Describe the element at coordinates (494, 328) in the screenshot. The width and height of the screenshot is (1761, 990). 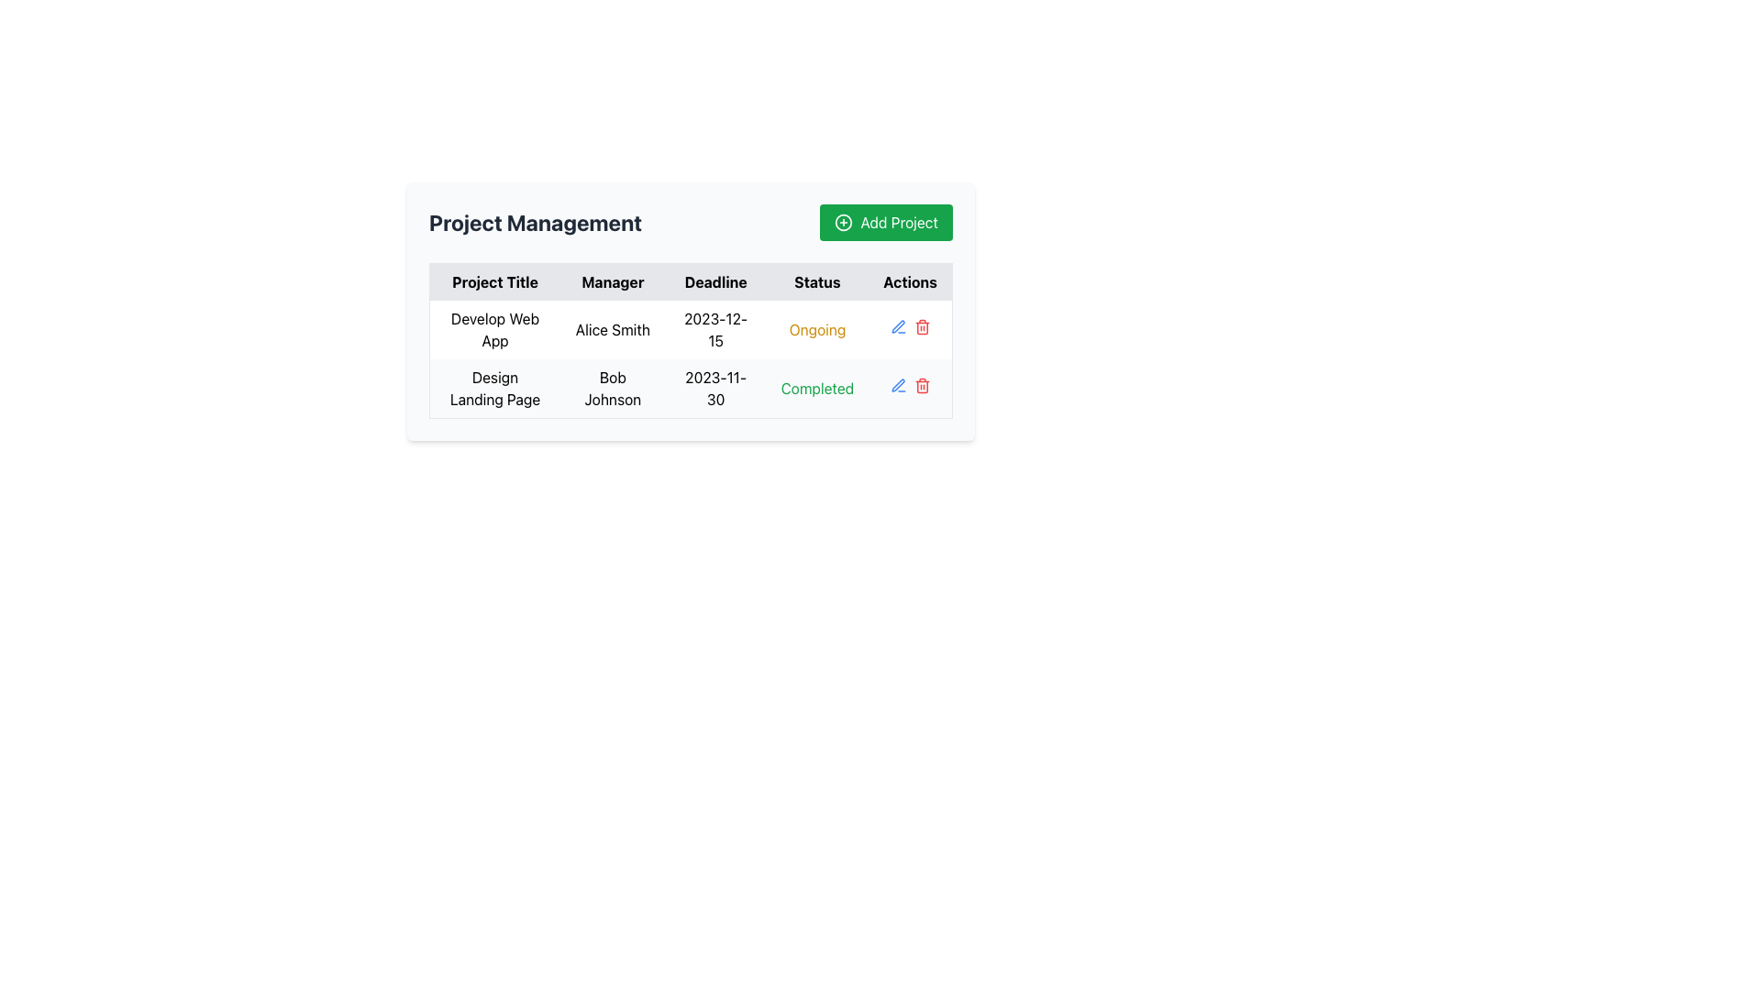
I see `the text label displaying 'Develop Web App' located in the first cell of the 'Project Title' column under the 'Project Management' header` at that location.